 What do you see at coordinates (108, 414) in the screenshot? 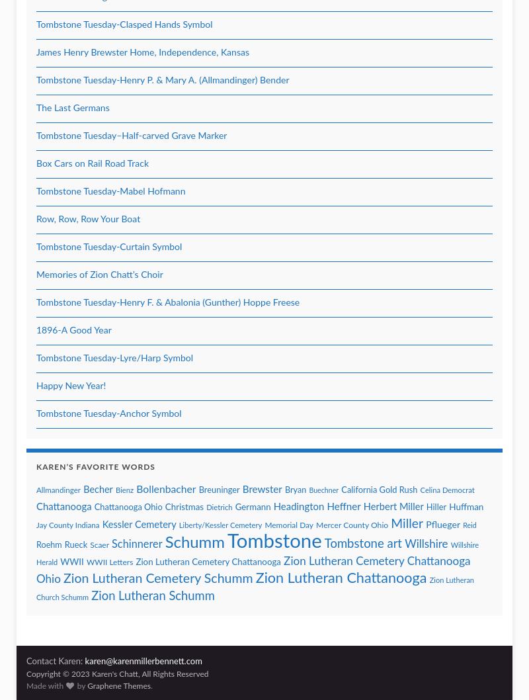
I see `'Tombstone Tuesday-Anchor Symbol'` at bounding box center [108, 414].